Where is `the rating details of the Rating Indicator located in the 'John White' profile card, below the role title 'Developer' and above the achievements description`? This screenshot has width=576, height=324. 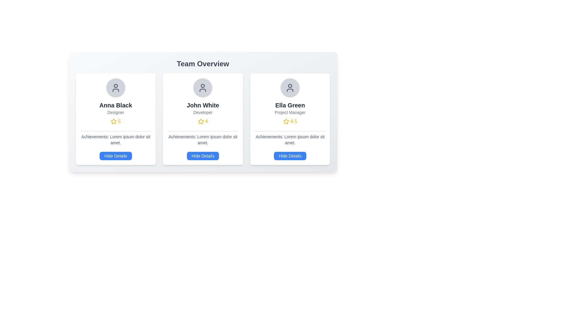 the rating details of the Rating Indicator located in the 'John White' profile card, below the role title 'Developer' and above the achievements description is located at coordinates (203, 121).